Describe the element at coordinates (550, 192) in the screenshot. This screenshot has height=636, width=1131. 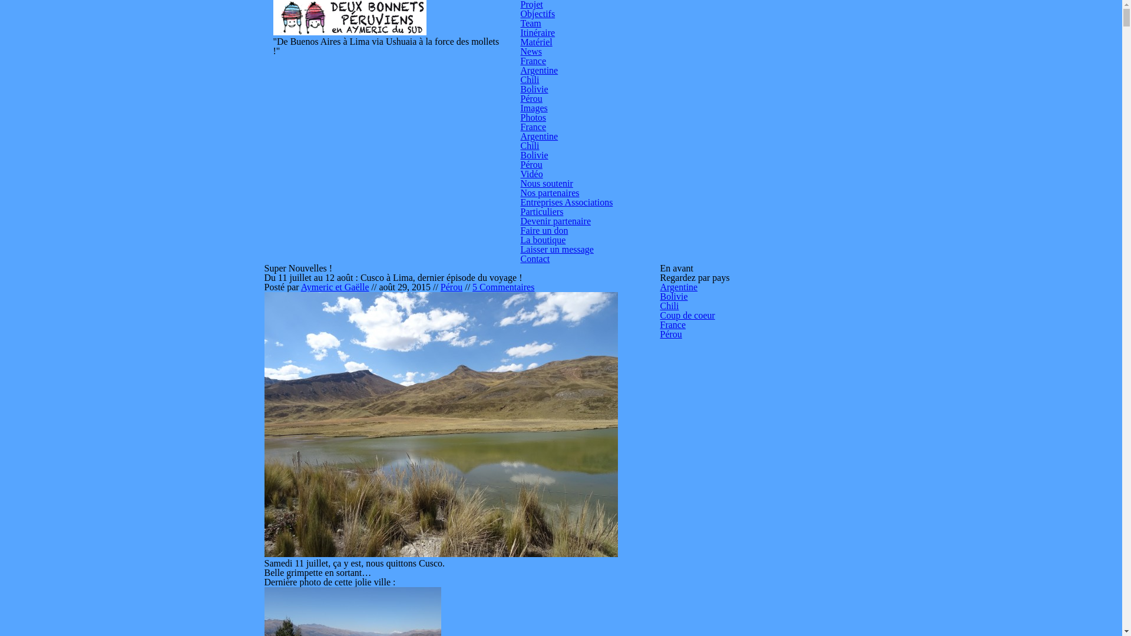
I see `'Nos partenaires'` at that location.